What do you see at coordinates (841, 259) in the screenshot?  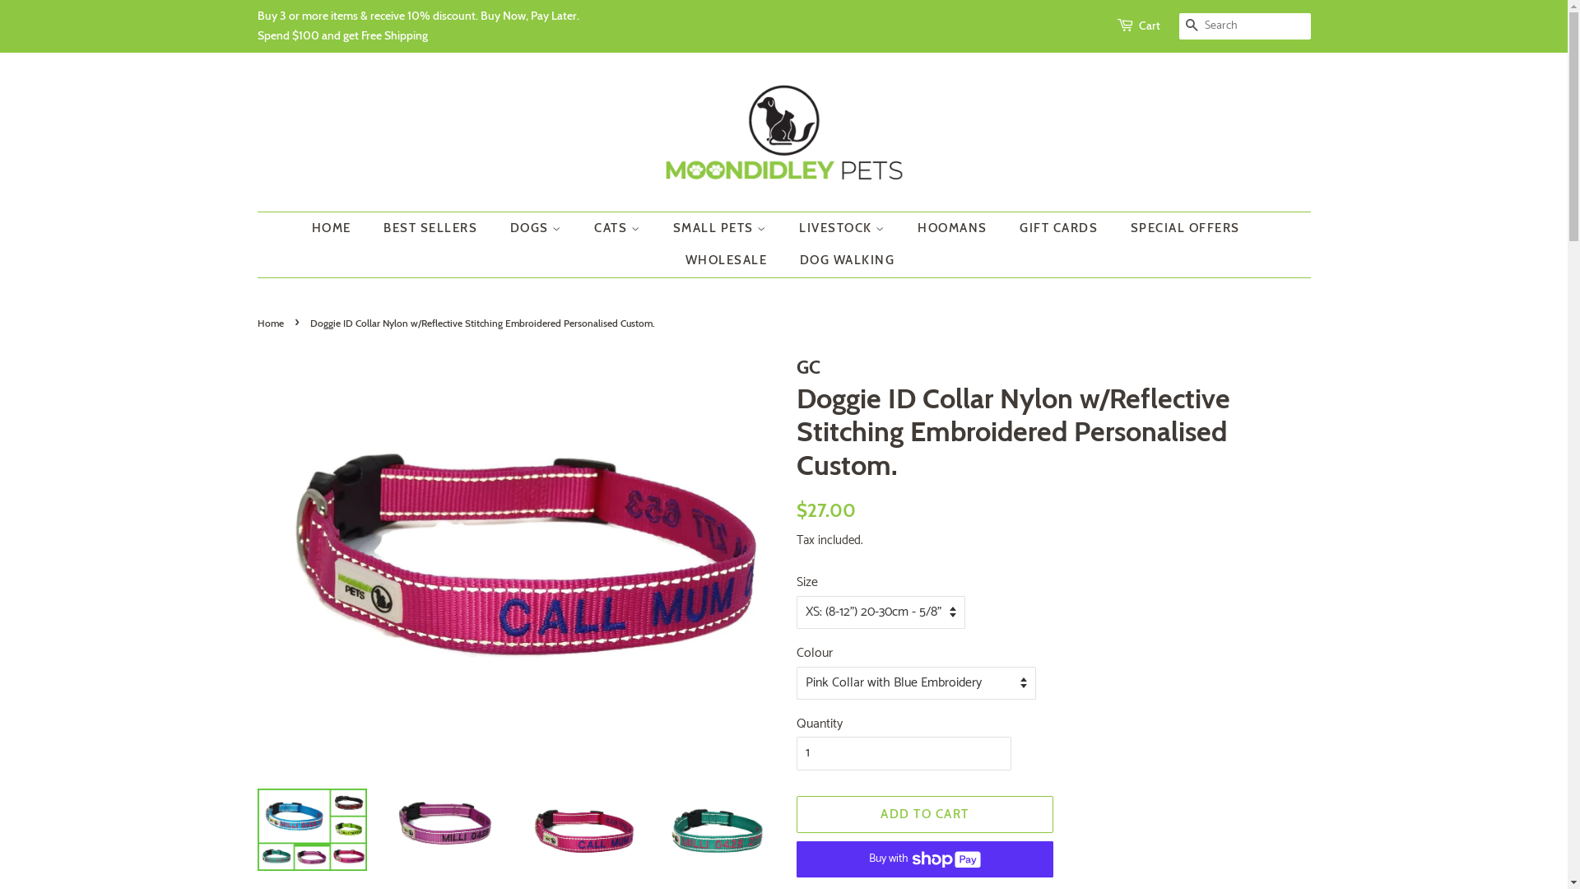 I see `'DOG WALKING'` at bounding box center [841, 259].